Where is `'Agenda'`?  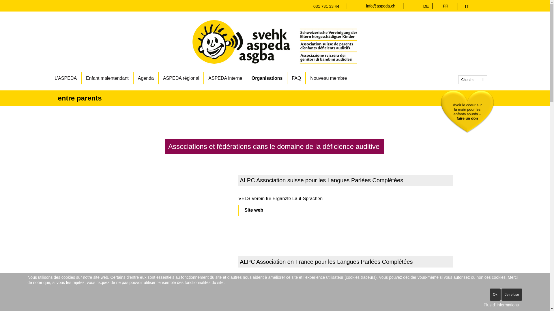
'Agenda' is located at coordinates (146, 78).